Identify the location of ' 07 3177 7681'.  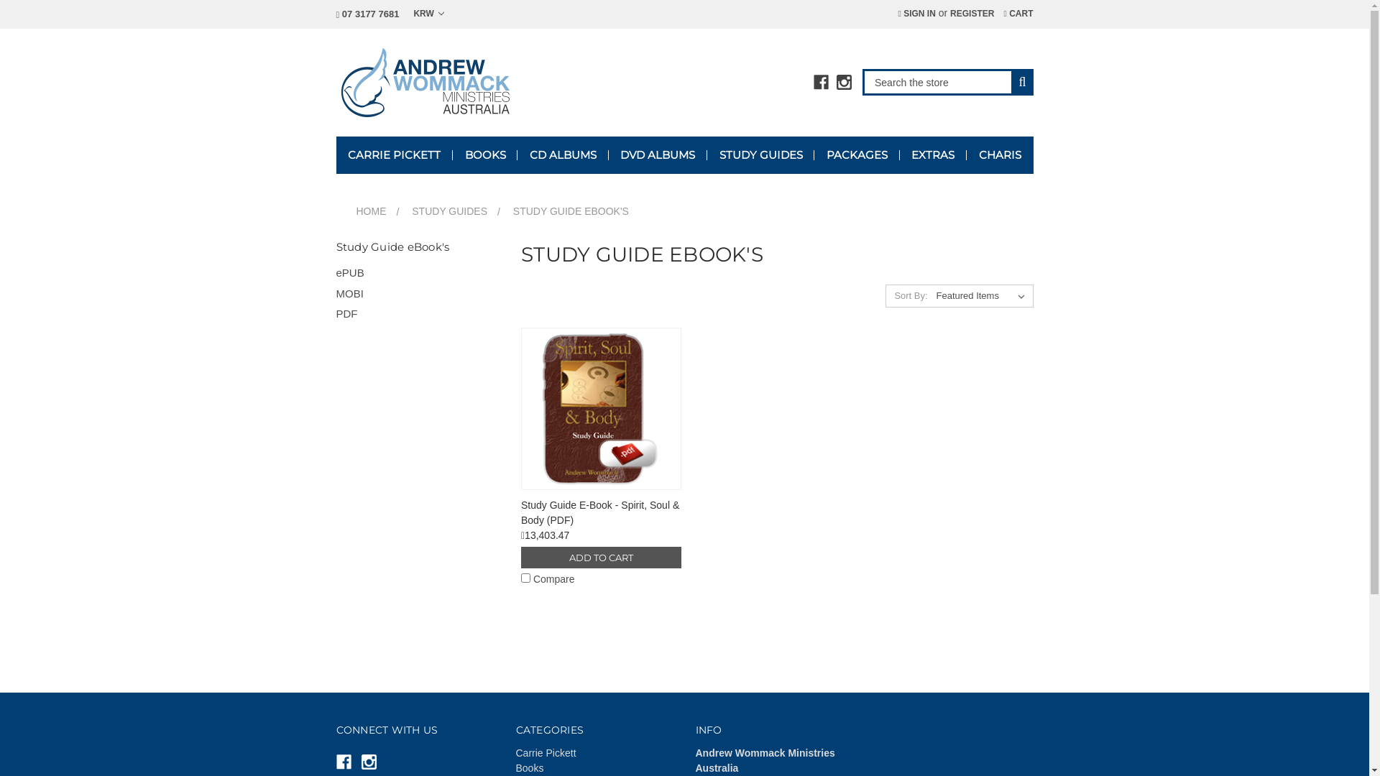
(368, 14).